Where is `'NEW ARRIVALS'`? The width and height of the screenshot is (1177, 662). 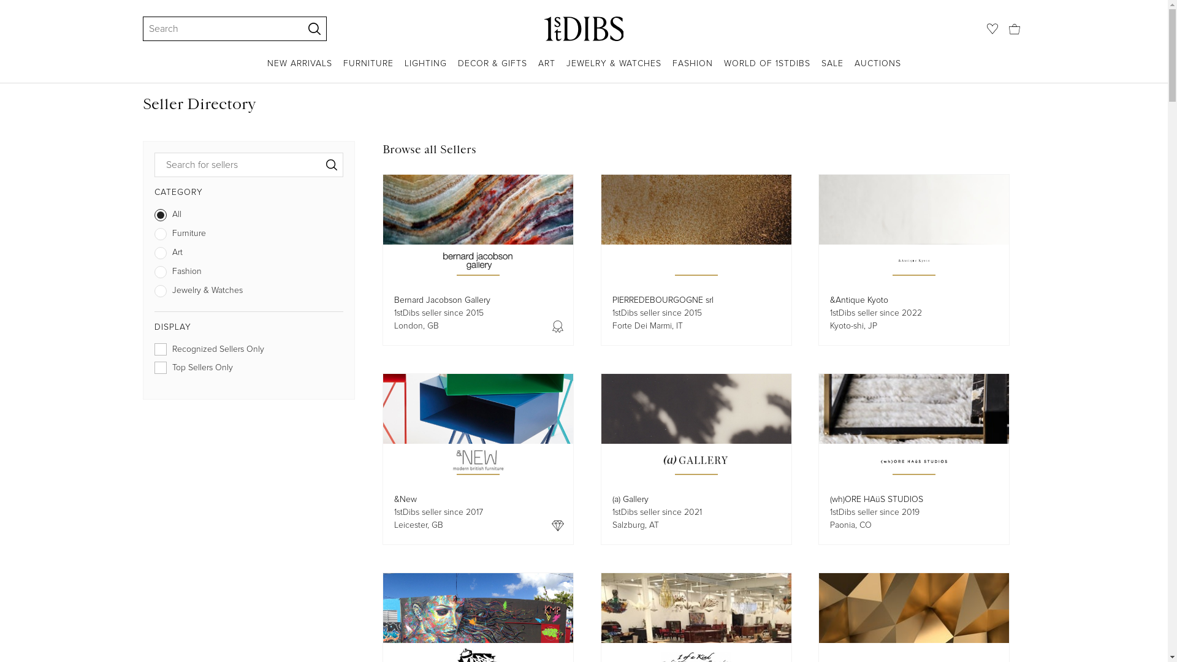 'NEW ARRIVALS' is located at coordinates (300, 70).